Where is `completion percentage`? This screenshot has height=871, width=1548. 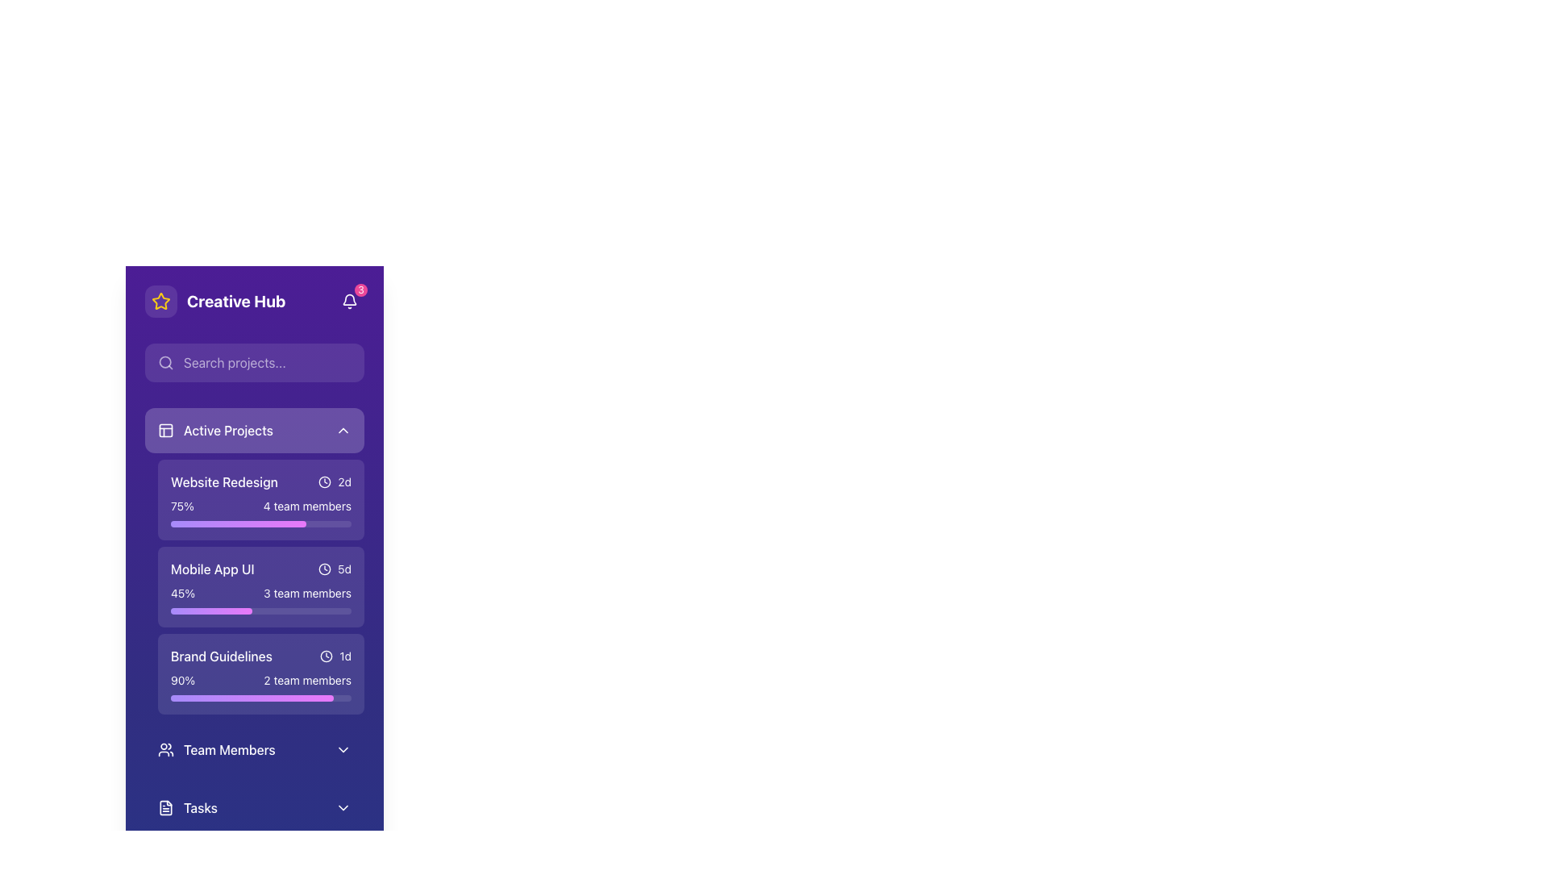 completion percentage is located at coordinates (195, 524).